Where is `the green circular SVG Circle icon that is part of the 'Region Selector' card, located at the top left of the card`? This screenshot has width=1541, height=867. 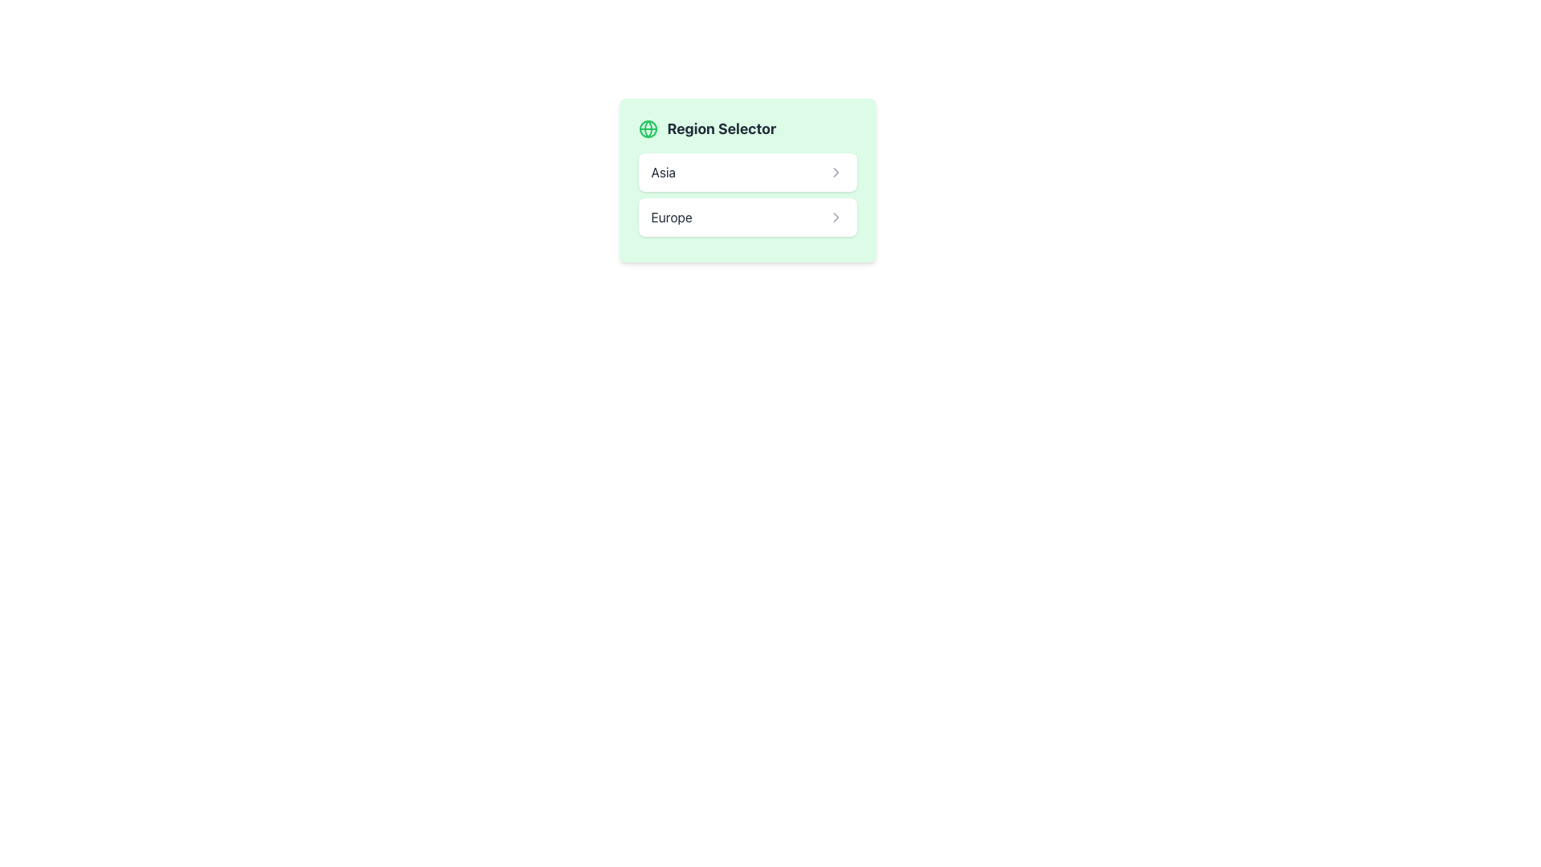
the green circular SVG Circle icon that is part of the 'Region Selector' card, located at the top left of the card is located at coordinates (648, 128).